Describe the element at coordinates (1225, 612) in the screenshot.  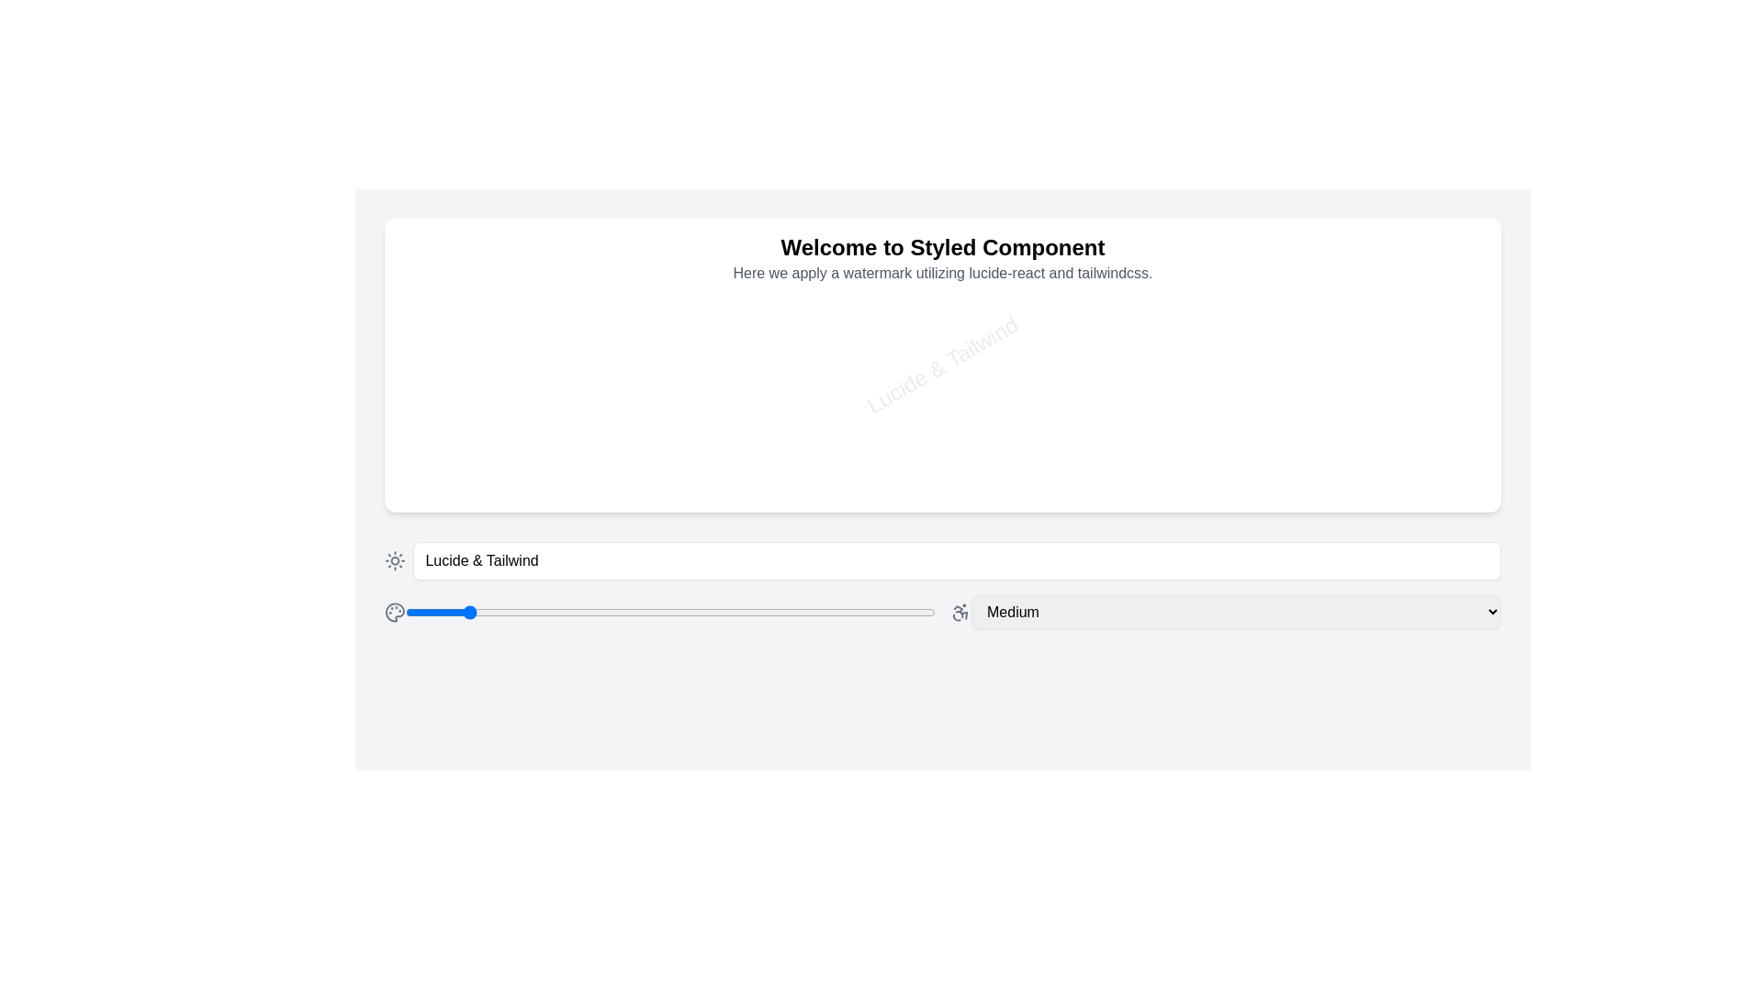
I see `the Dropdown menu located in the lower right column of the interface and select an option from the list` at that location.